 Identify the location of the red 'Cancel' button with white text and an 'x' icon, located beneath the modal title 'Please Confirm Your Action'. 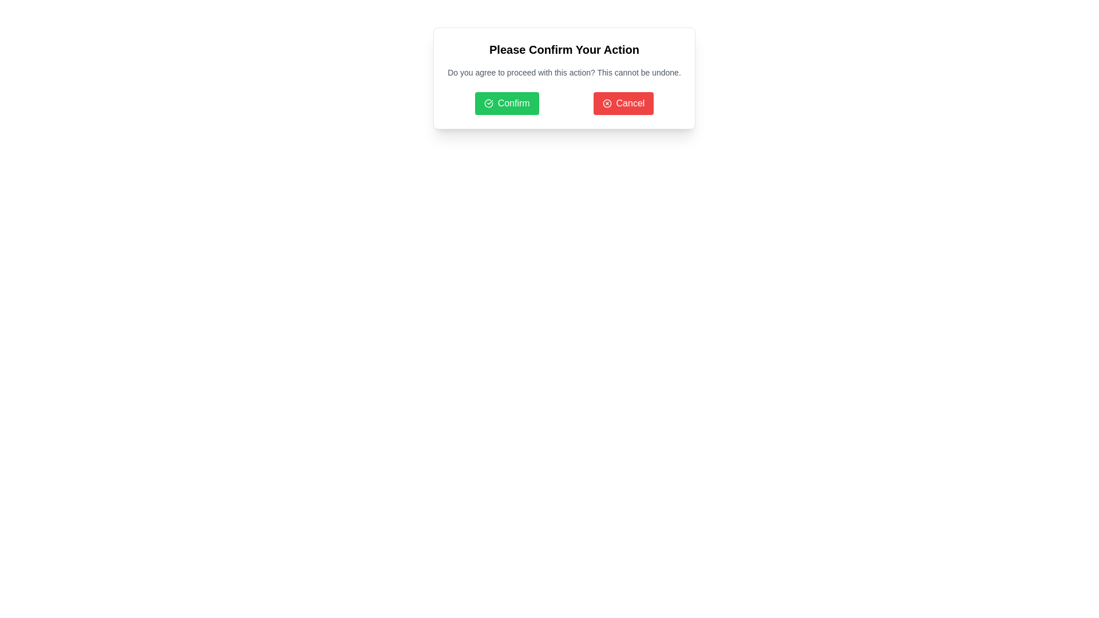
(623, 104).